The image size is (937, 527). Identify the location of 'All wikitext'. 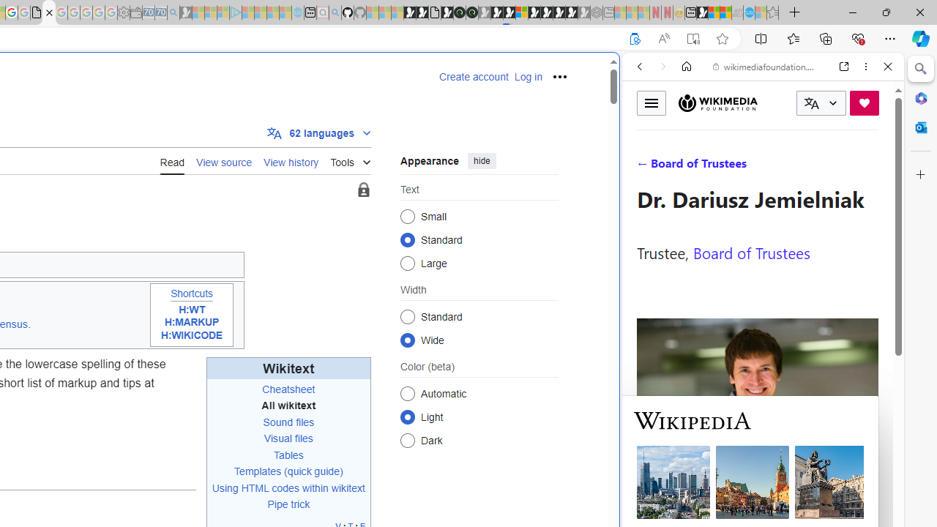
(288, 405).